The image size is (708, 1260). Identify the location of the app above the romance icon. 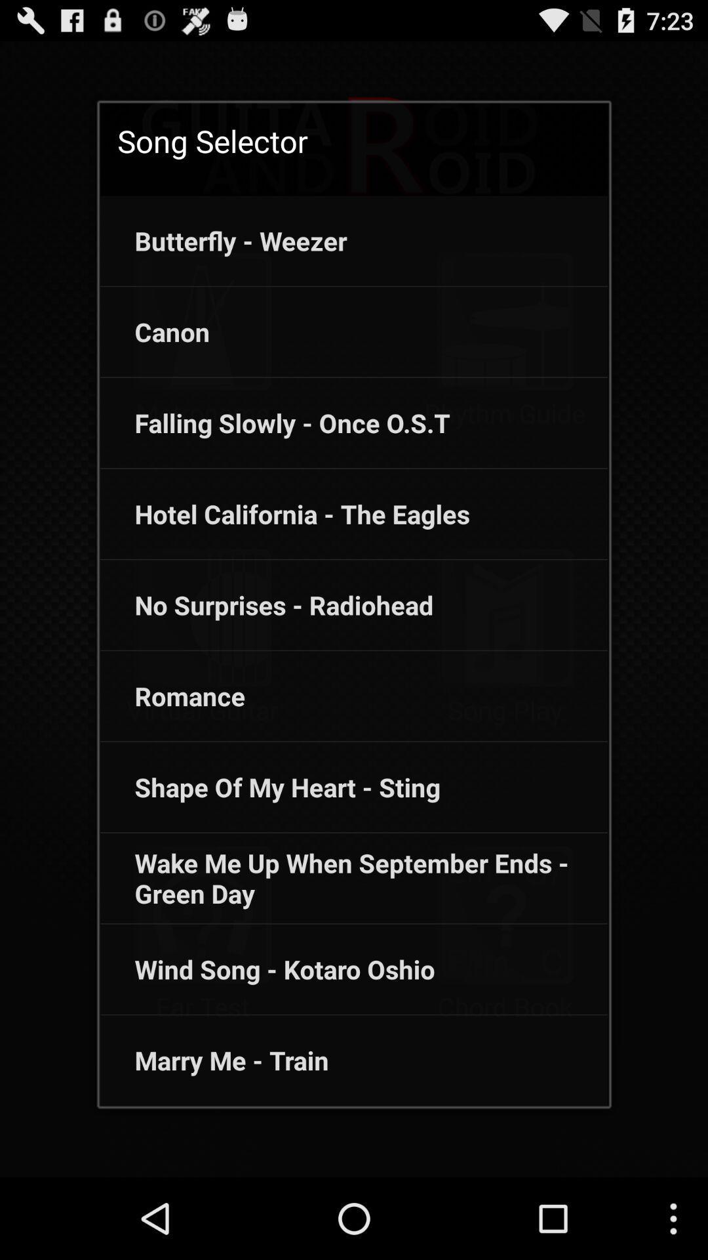
(266, 604).